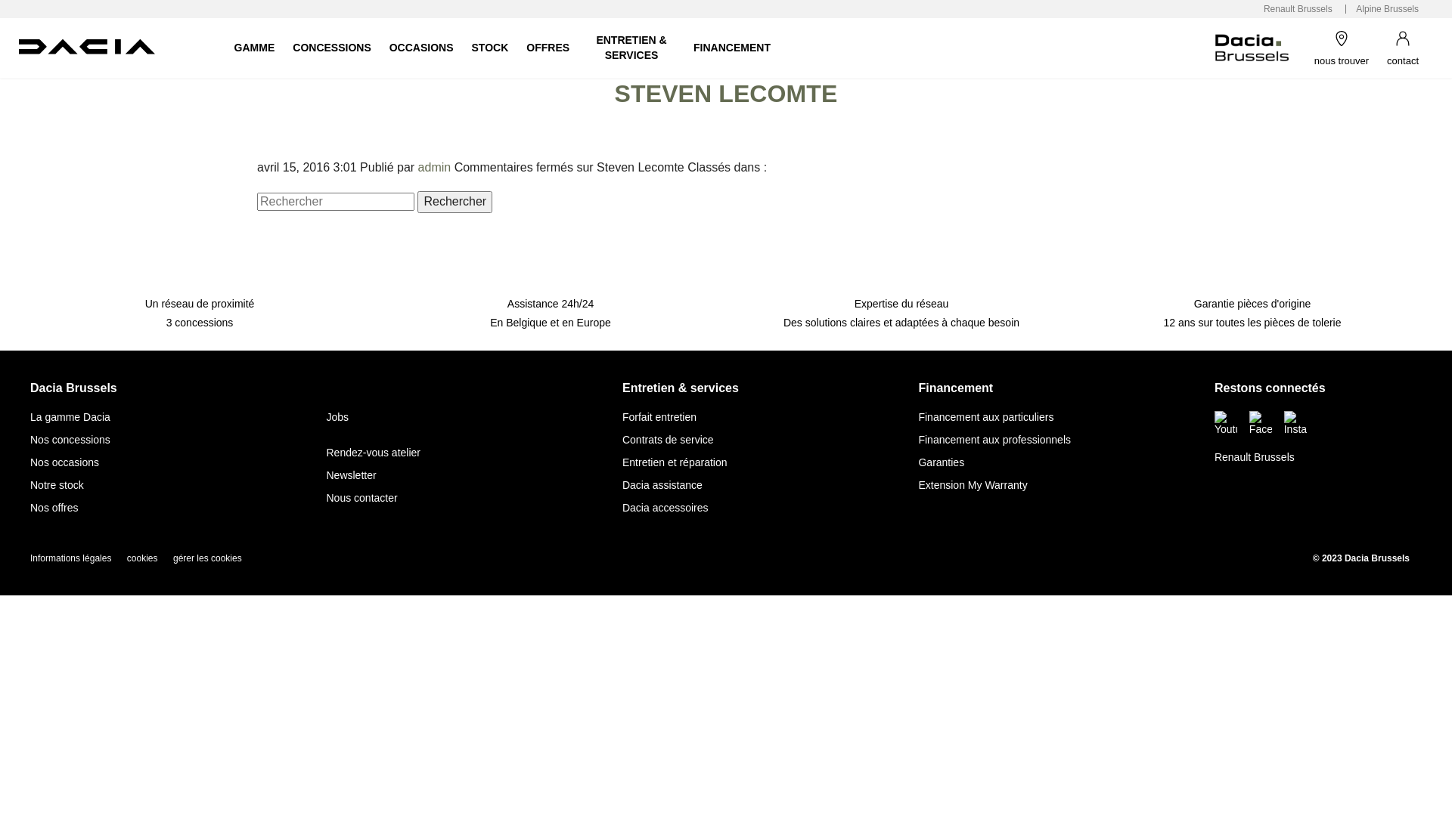 The image size is (1452, 816). What do you see at coordinates (330, 46) in the screenshot?
I see `'CONCESSIONS'` at bounding box center [330, 46].